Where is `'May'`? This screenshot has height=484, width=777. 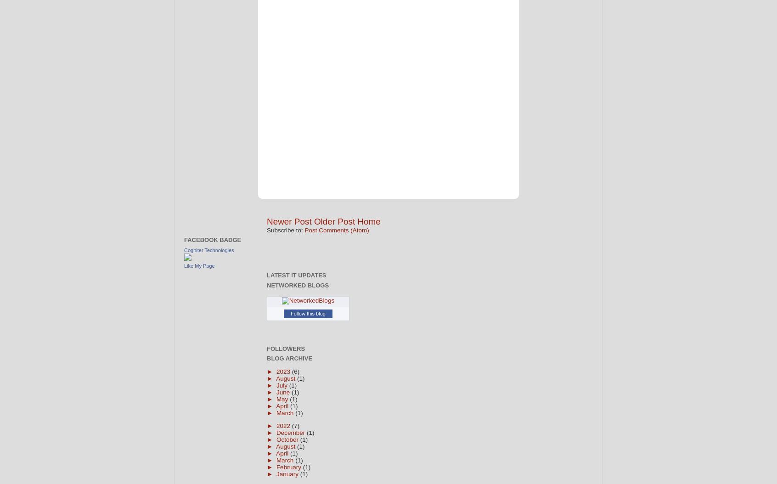
'May' is located at coordinates (282, 399).